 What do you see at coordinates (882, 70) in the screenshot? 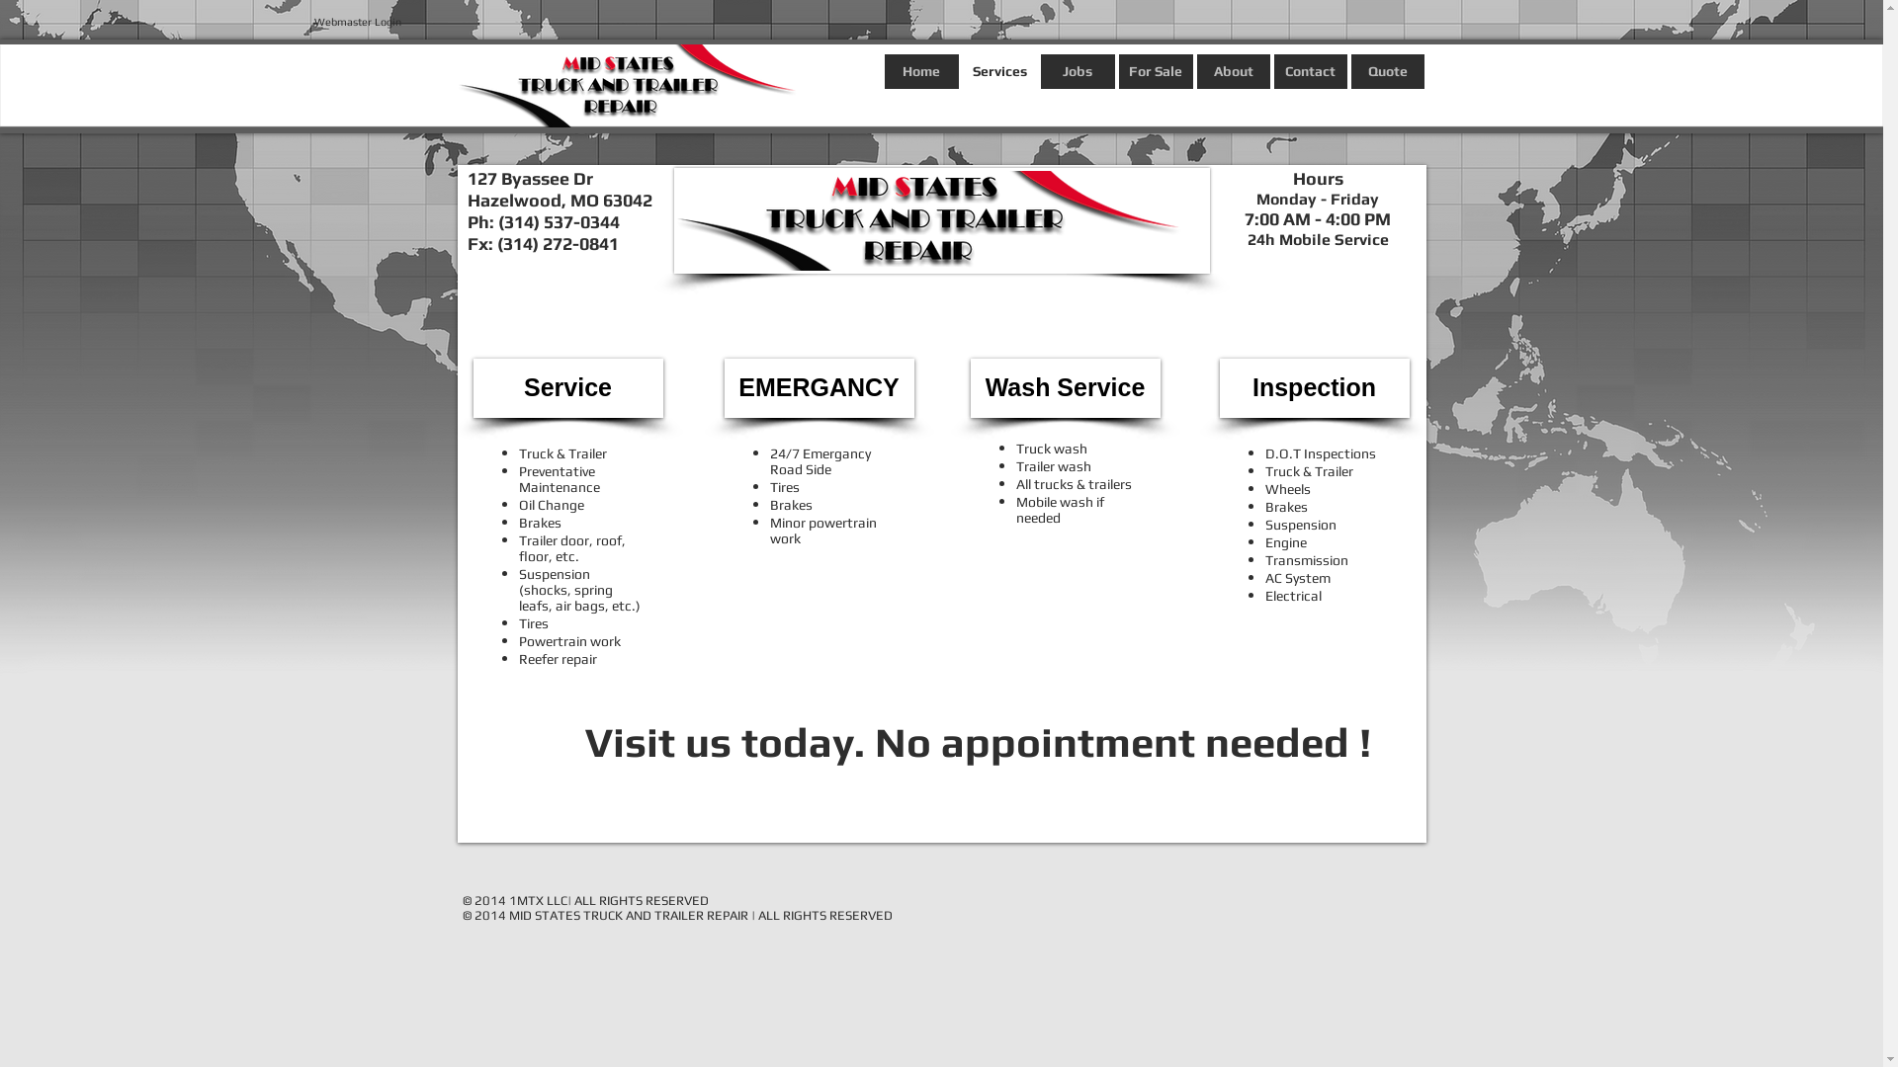
I see `'Home'` at bounding box center [882, 70].